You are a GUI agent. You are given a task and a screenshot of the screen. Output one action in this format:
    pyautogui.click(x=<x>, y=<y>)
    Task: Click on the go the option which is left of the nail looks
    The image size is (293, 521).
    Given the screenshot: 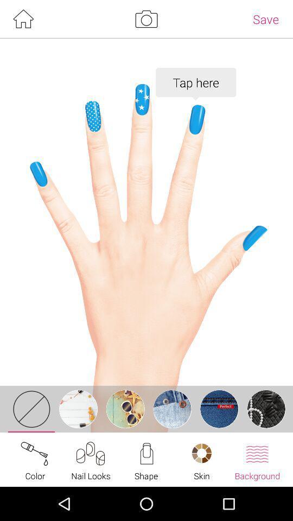 What is the action you would take?
    pyautogui.click(x=35, y=459)
    